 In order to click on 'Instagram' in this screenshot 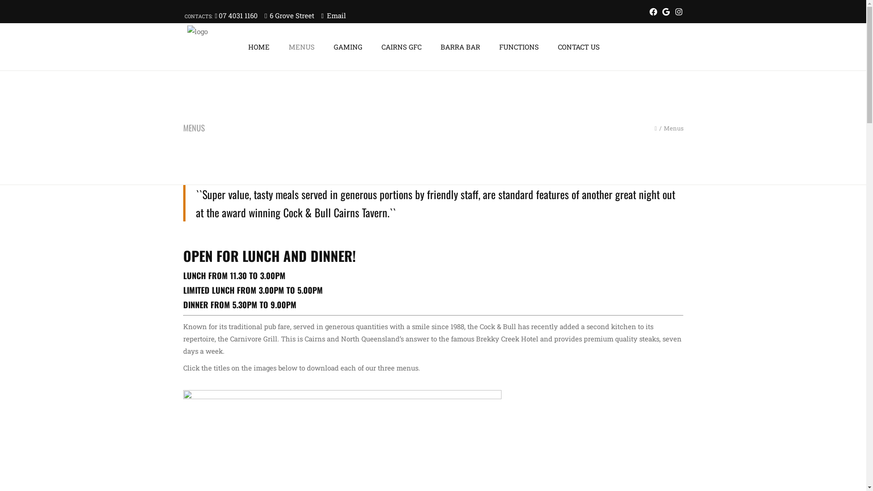, I will do `click(678, 12)`.